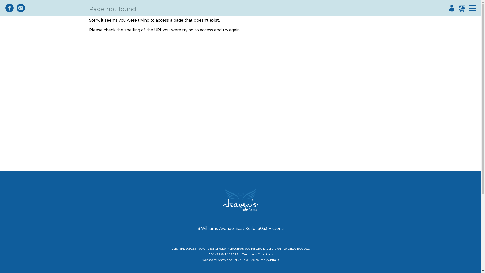  I want to click on 'Terms and Conditions', so click(257, 254).